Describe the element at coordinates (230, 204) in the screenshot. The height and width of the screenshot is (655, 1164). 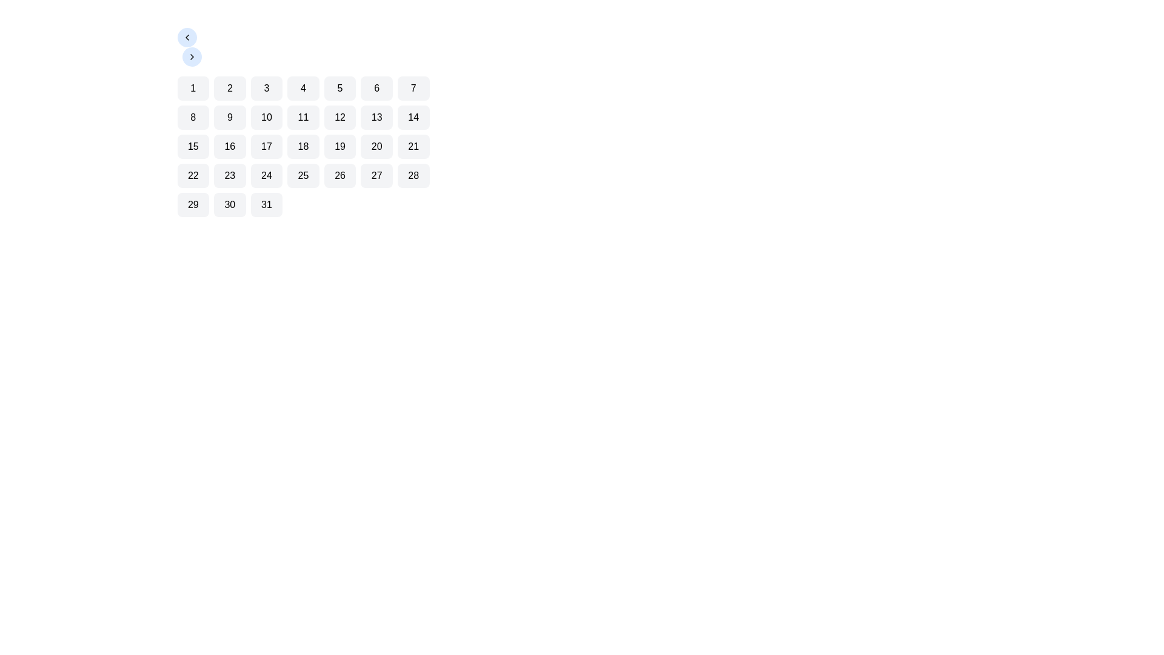
I see `the calendar day button representing the 30th day` at that location.